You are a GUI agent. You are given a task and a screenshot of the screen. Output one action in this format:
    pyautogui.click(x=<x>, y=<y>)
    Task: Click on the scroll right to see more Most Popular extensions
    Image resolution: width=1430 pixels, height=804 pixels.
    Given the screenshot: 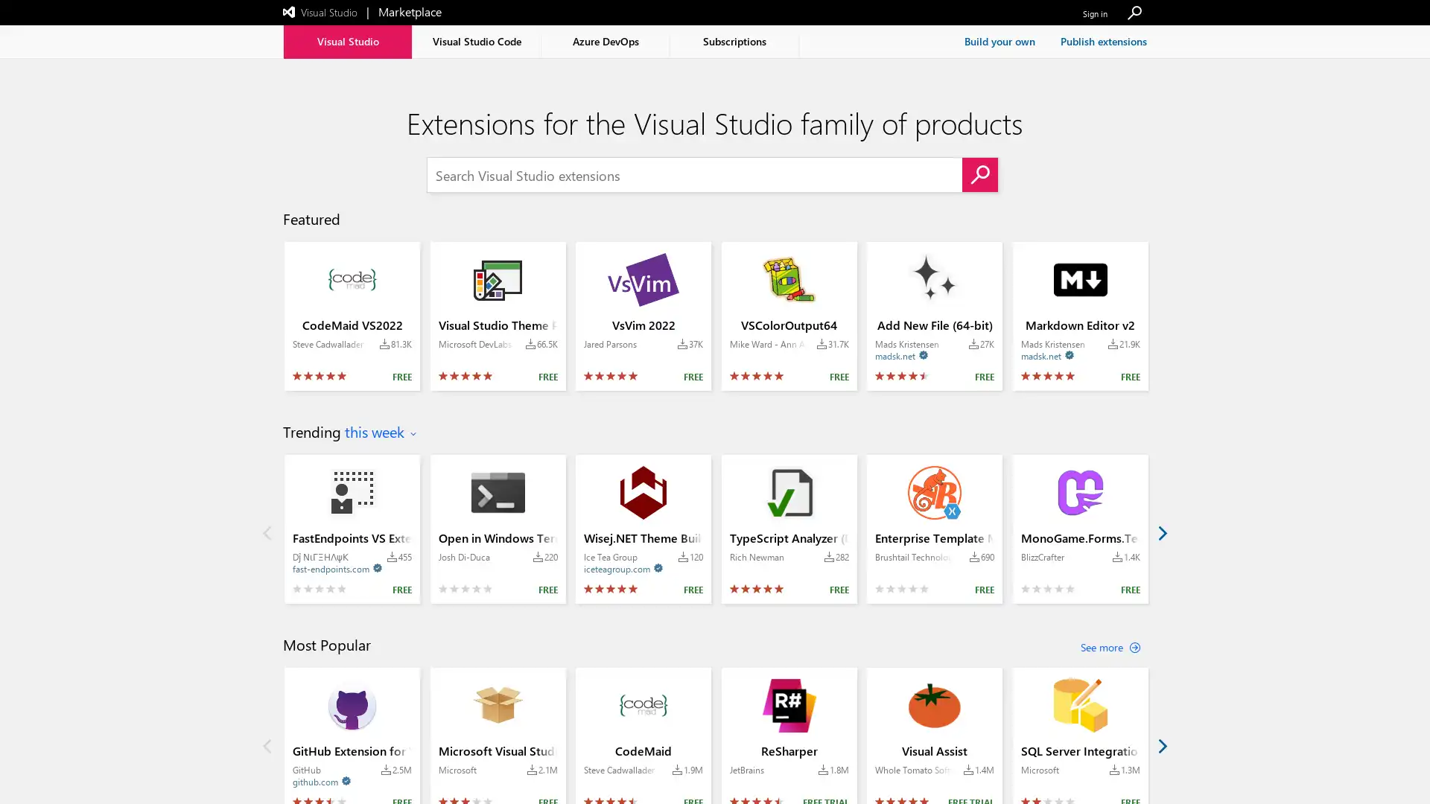 What is the action you would take?
    pyautogui.click(x=1161, y=745)
    